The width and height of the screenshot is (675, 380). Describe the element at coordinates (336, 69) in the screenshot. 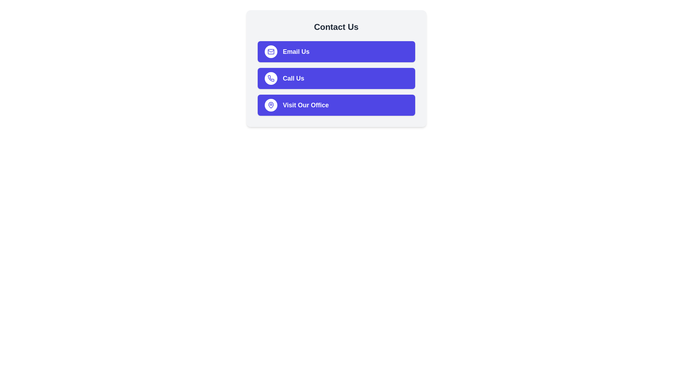

I see `the second button in the vertical stack under the 'Contact Us' title to initiate a phone call` at that location.